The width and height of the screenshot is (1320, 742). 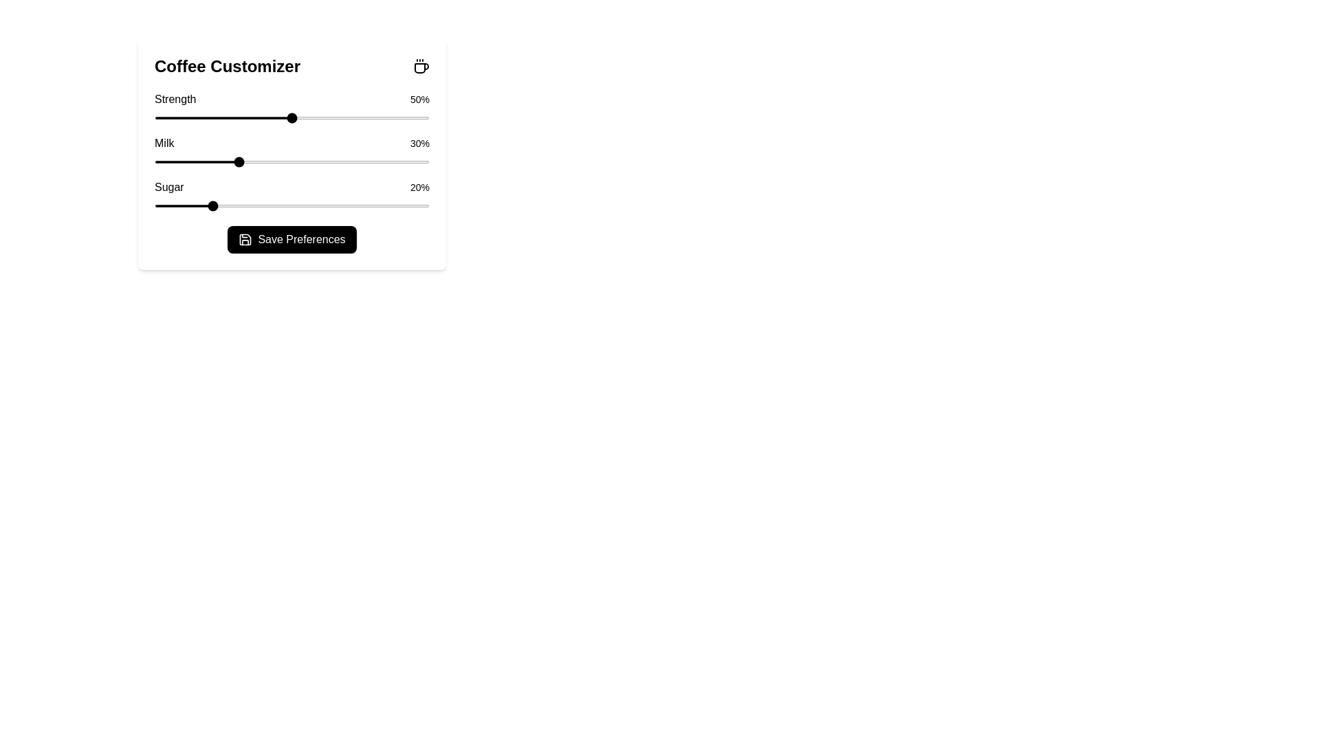 I want to click on the sugar level, so click(x=261, y=206).